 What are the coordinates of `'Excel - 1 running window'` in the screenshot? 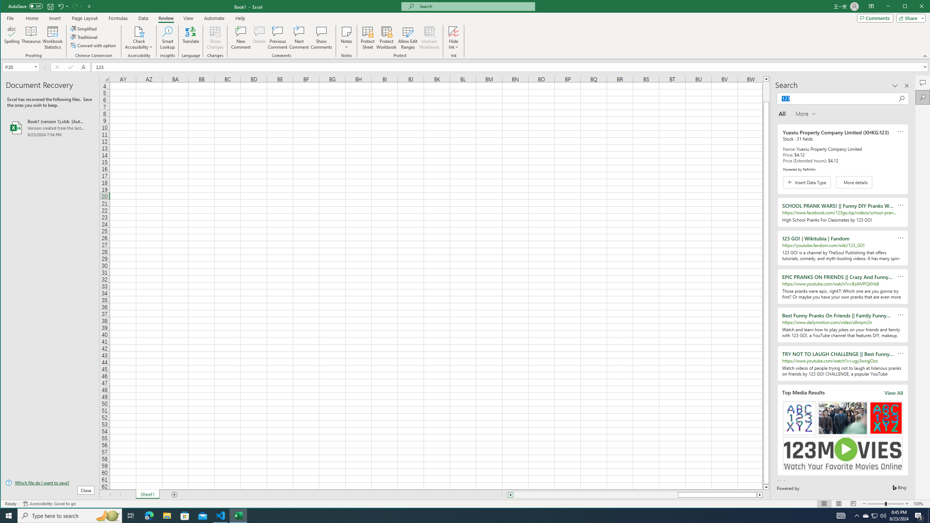 It's located at (238, 515).